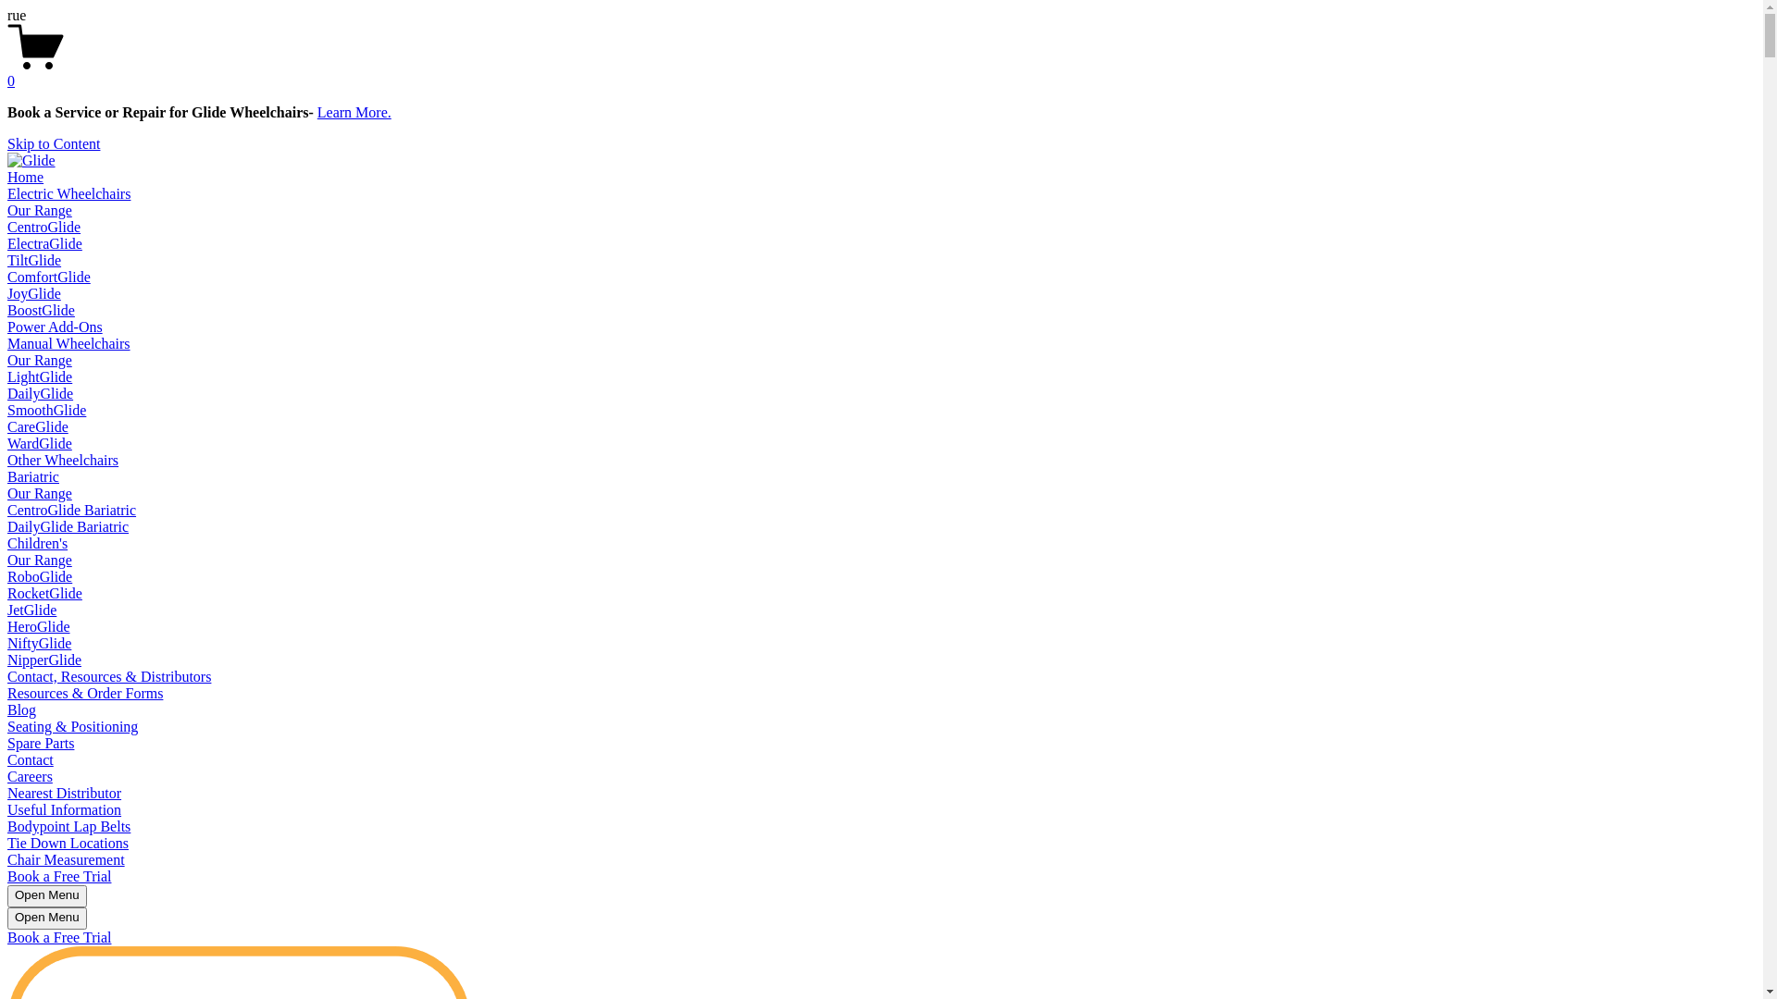  I want to click on 'ElectraGlide', so click(44, 242).